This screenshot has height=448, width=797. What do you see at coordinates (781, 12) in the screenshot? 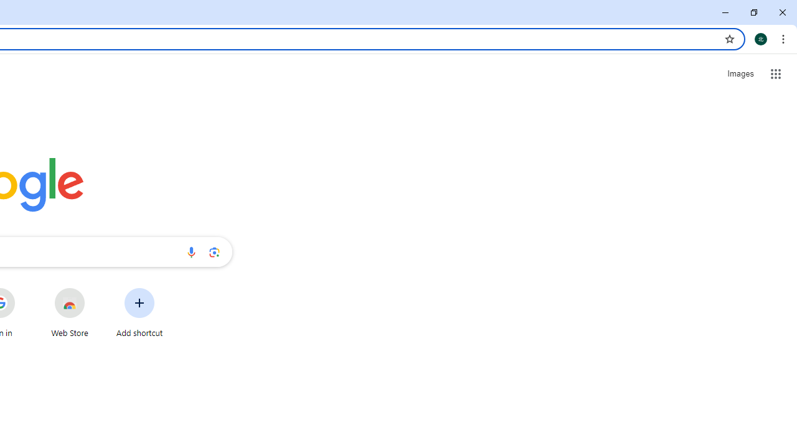
I see `'Close'` at bounding box center [781, 12].